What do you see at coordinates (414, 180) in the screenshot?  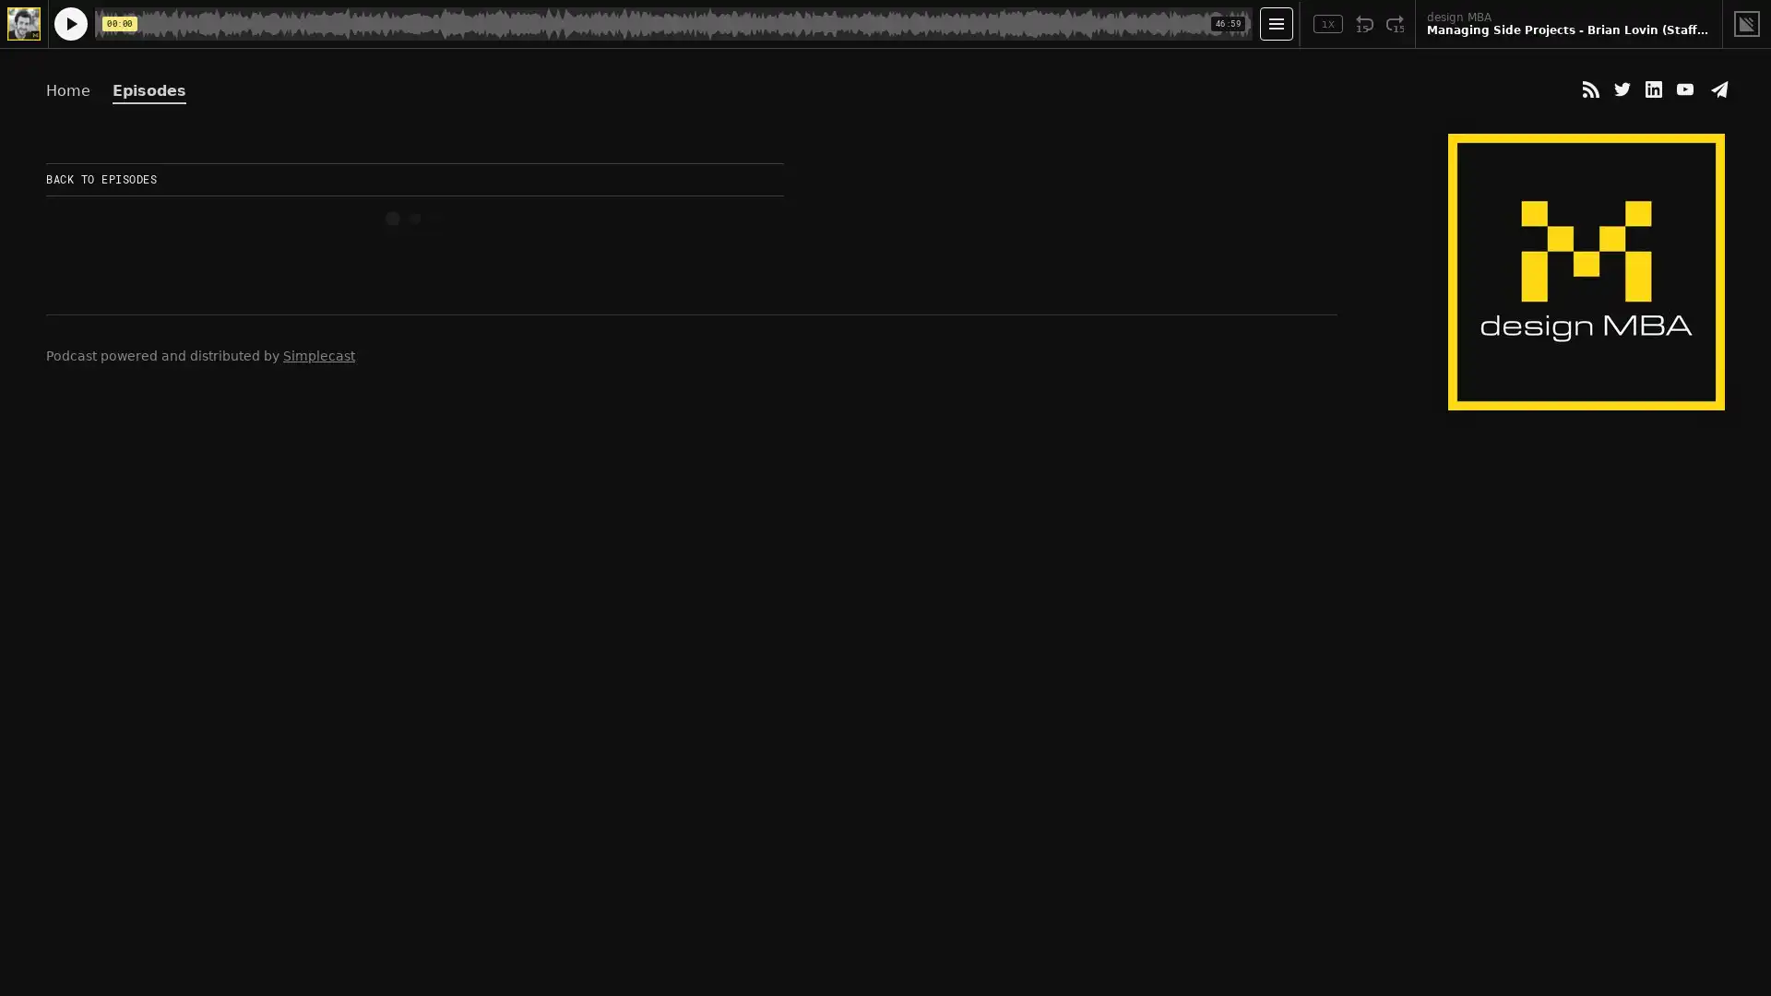 I see `BACK TO EPISODES` at bounding box center [414, 180].